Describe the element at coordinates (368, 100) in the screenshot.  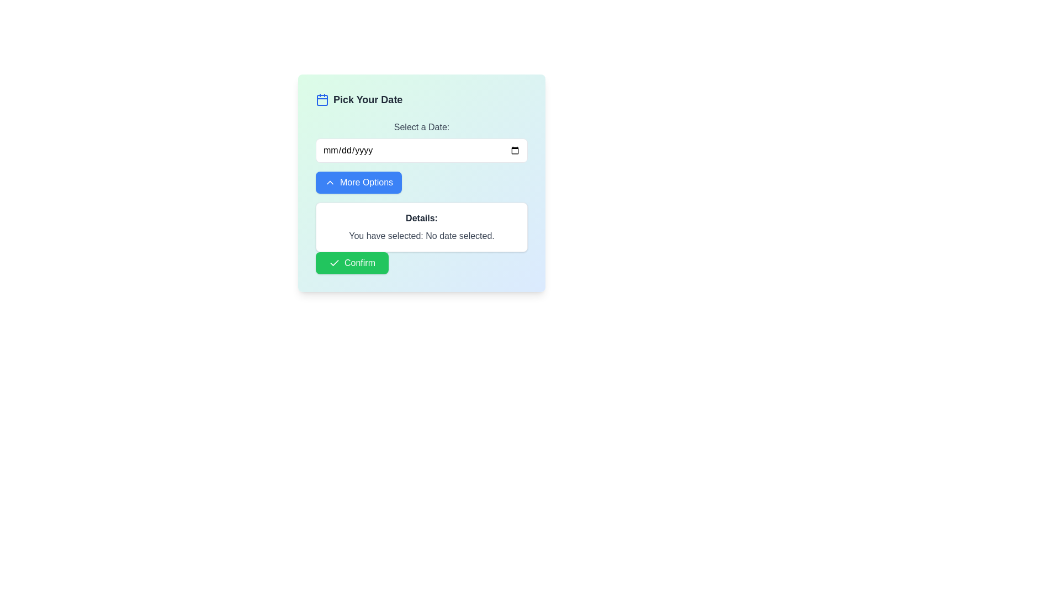
I see `the Text Label that introduces the functionality of selecting a date, located next to a blue calendar icon towards the top of the main interface` at that location.